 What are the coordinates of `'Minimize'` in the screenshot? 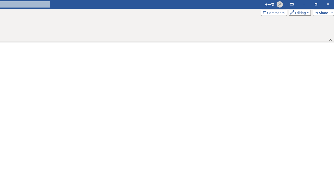 It's located at (304, 4).